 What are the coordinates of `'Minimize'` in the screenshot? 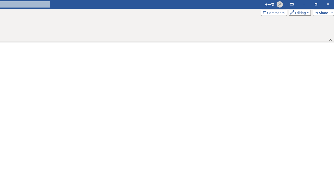 It's located at (304, 4).